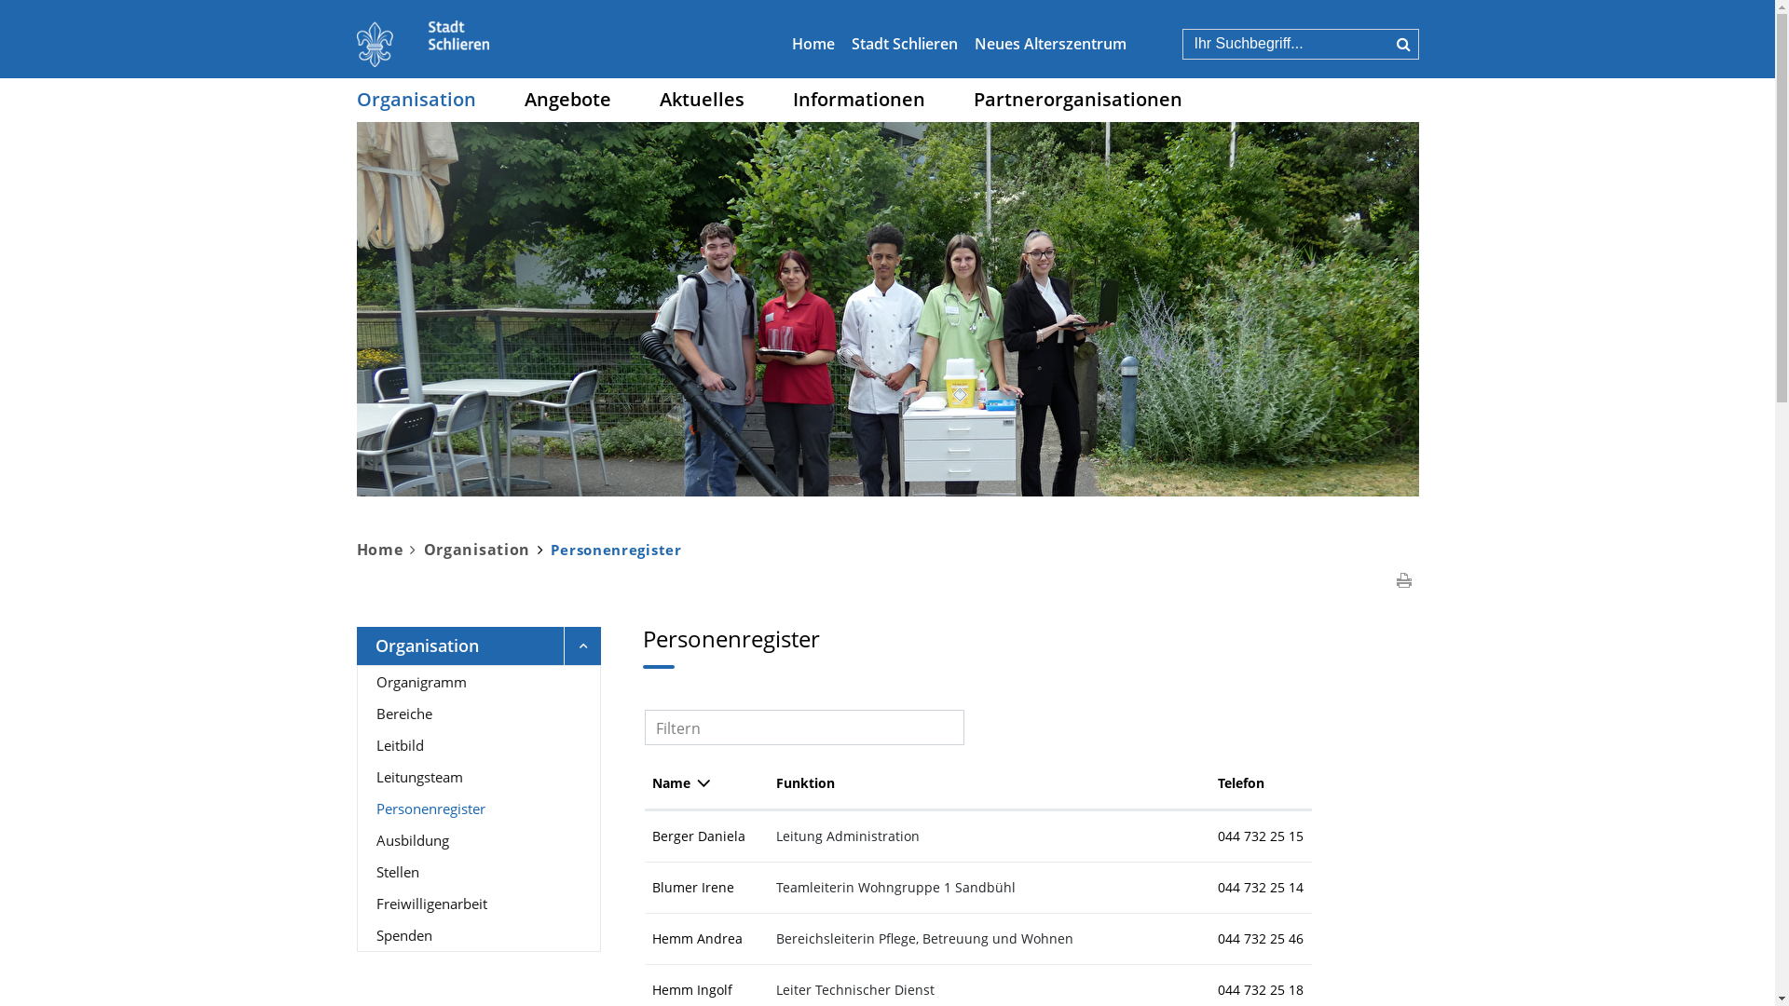 The image size is (1789, 1006). What do you see at coordinates (652, 988) in the screenshot?
I see `'Hemm Ingolf'` at bounding box center [652, 988].